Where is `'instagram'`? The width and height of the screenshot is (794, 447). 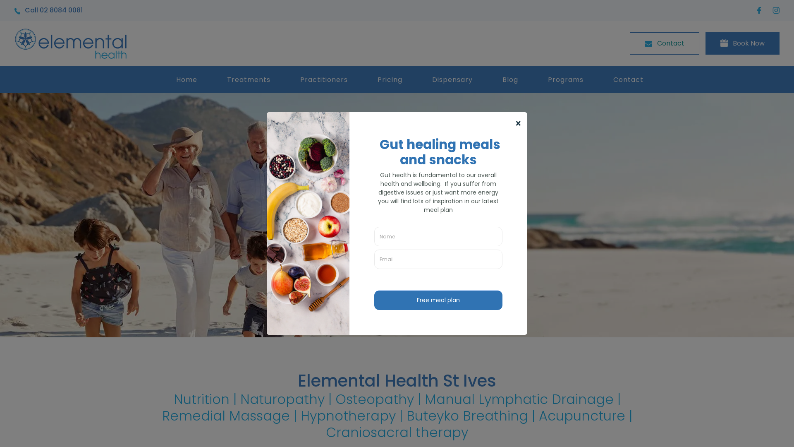 'instagram' is located at coordinates (772, 10).